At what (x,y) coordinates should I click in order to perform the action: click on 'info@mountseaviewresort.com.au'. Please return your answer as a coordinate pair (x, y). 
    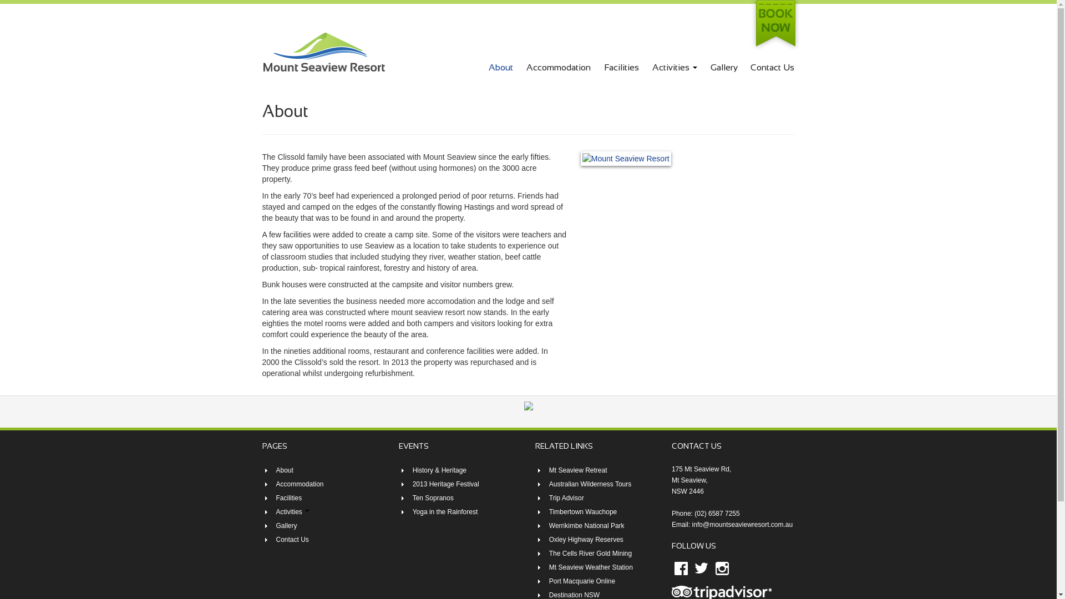
    Looking at the image, I should click on (743, 524).